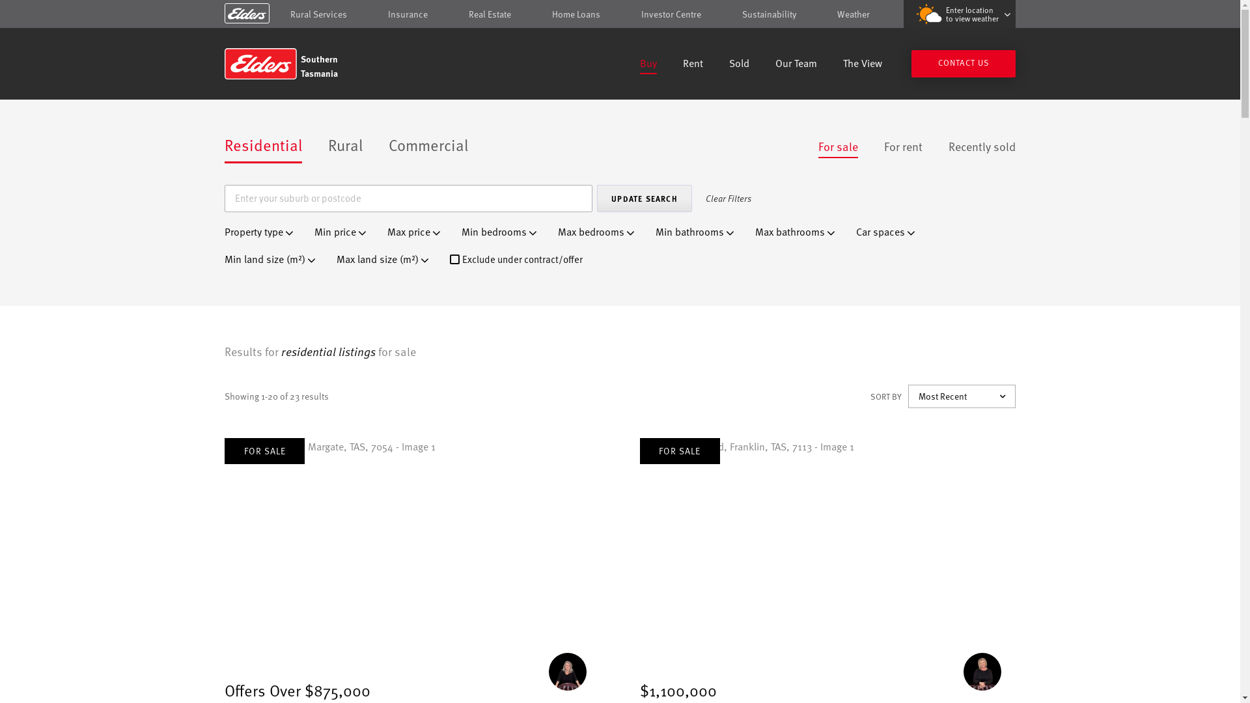 The width and height of the screenshot is (1250, 703). Describe the element at coordinates (692, 64) in the screenshot. I see `'Rent'` at that location.